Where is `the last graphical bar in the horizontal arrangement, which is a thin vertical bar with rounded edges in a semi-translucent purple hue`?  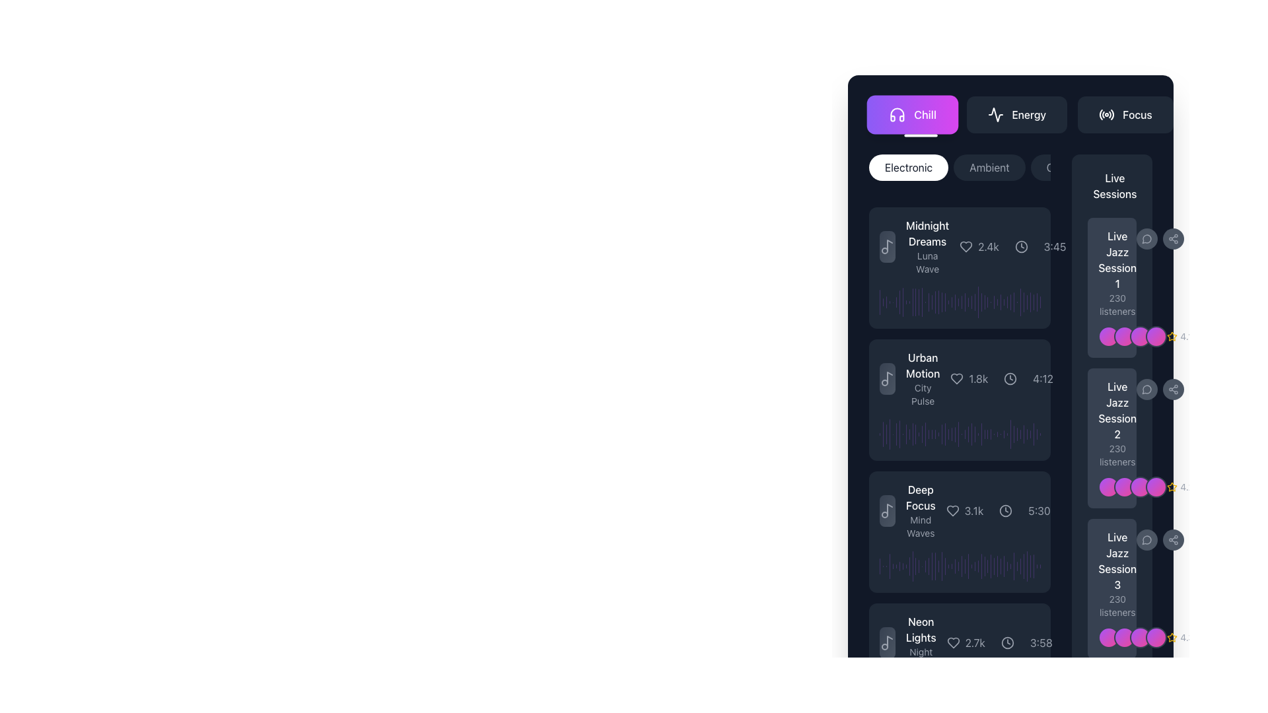
the last graphical bar in the horizontal arrangement, which is a thin vertical bar with rounded edges in a semi-translucent purple hue is located at coordinates (1030, 565).